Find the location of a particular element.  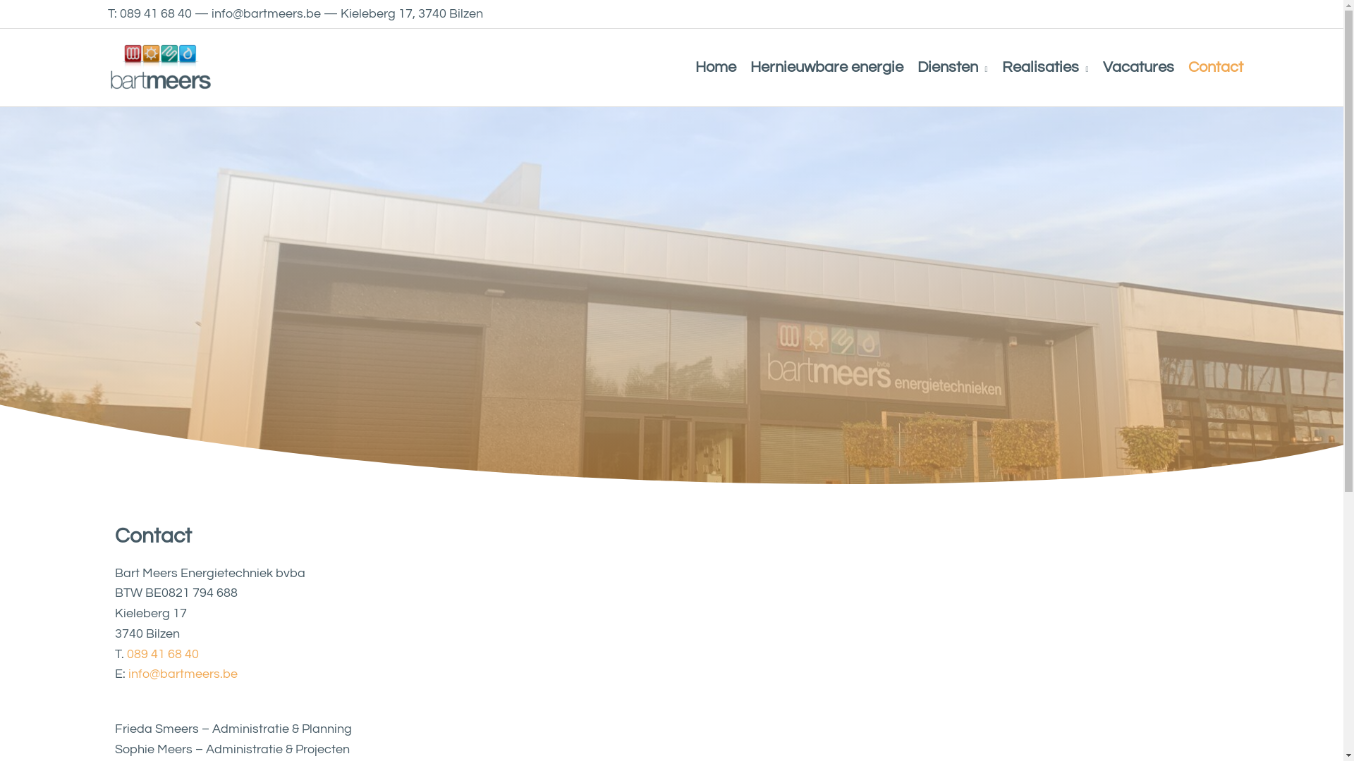

'info@bartmeers.be' is located at coordinates (128, 673).